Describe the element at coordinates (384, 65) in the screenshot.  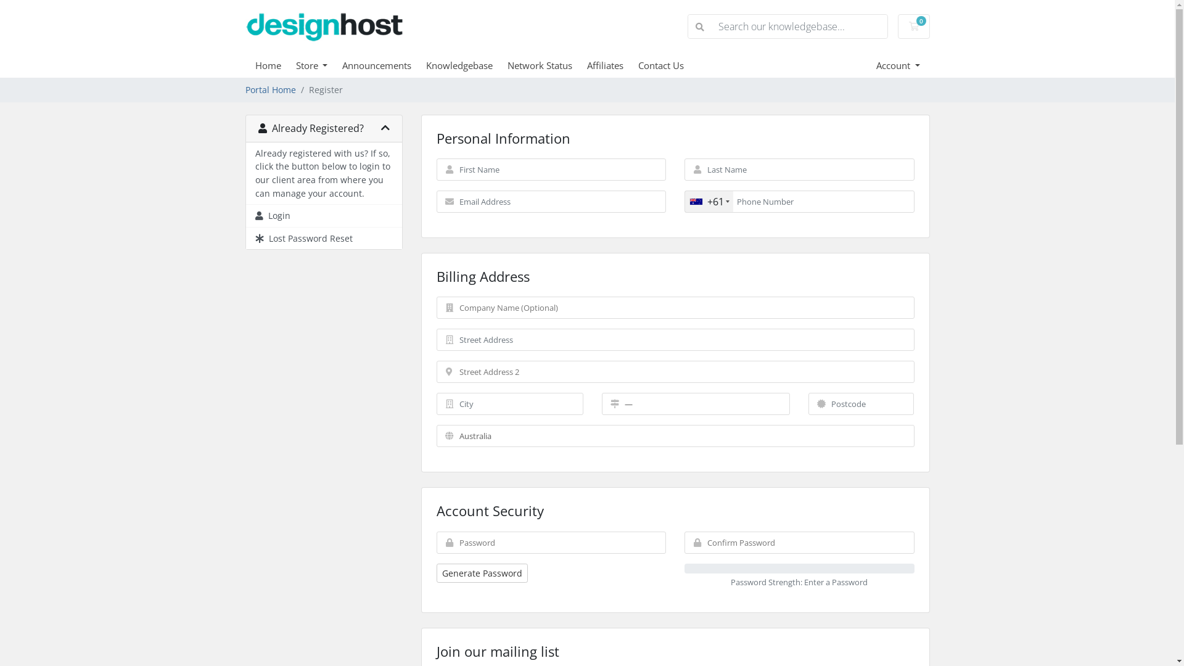
I see `'Announcements'` at that location.